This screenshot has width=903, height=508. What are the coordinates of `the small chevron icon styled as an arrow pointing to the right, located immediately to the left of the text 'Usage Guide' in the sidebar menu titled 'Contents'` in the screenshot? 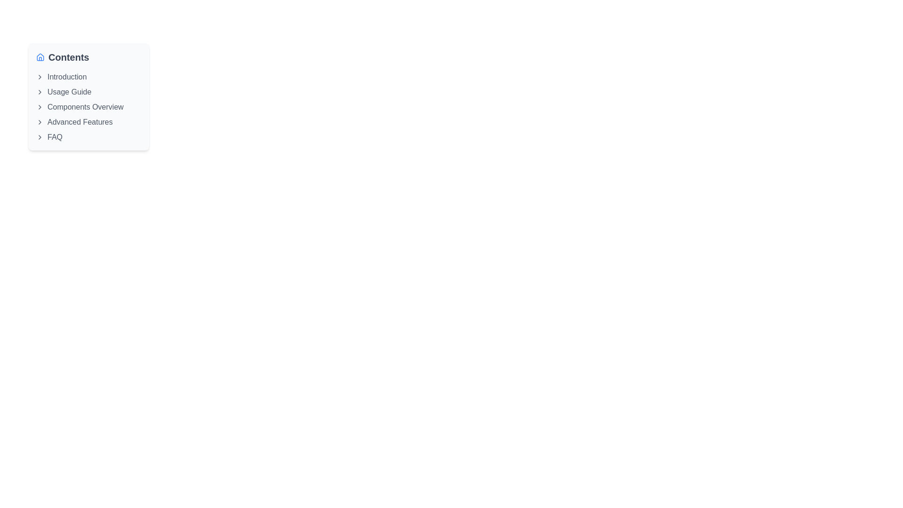 It's located at (40, 92).